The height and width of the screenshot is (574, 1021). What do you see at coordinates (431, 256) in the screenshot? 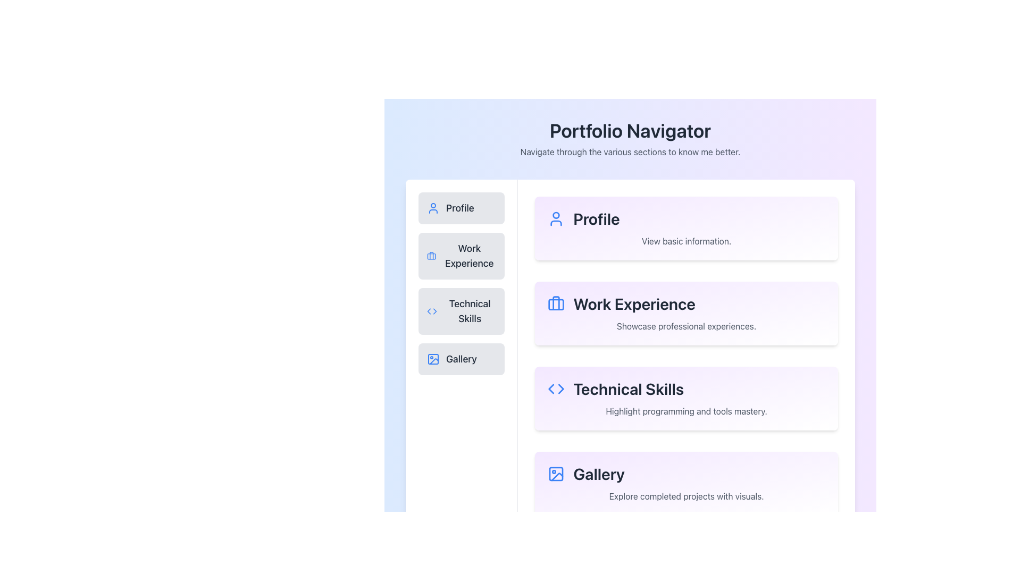
I see `the blue briefcase icon in the vertical navigation menu that links to the 'Work Experience' section` at bounding box center [431, 256].